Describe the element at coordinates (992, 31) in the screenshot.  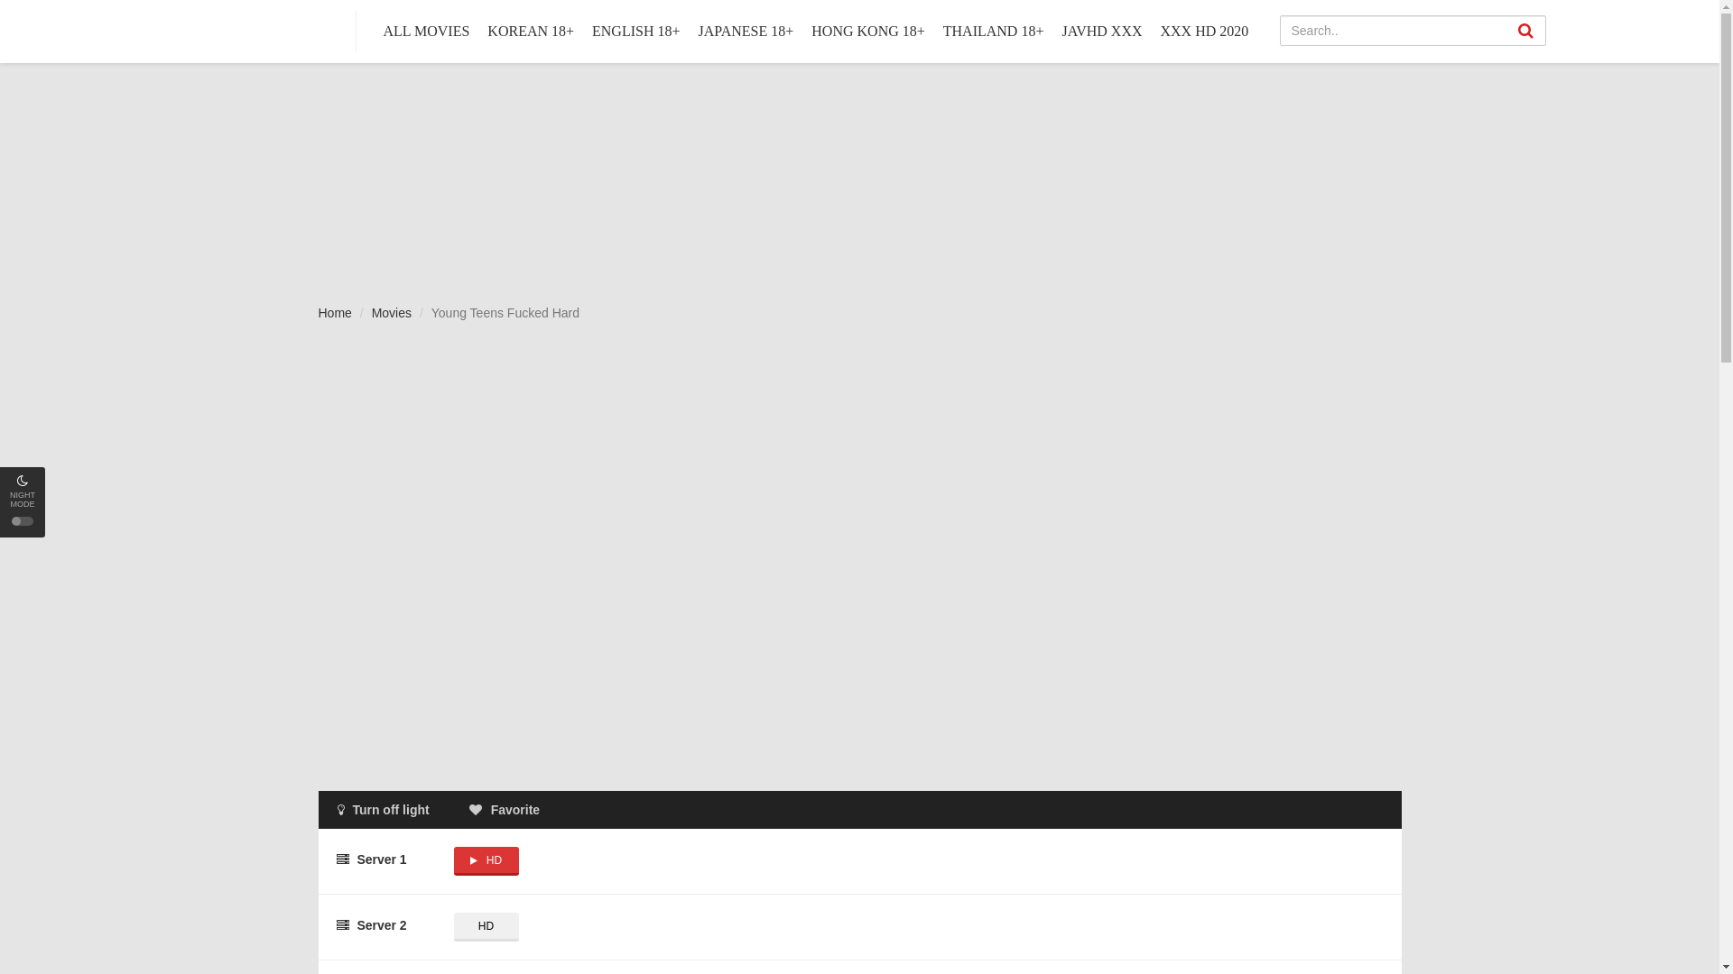
I see `'THAILAND 18+'` at that location.